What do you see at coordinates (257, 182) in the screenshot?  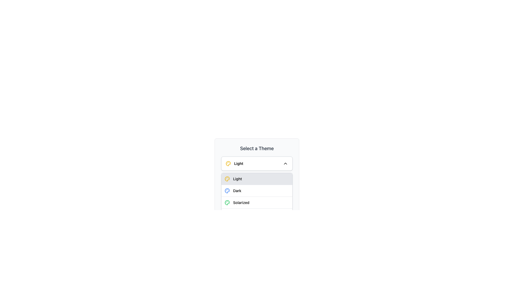 I see `the 'Light' theme option in the dropdown menu` at bounding box center [257, 182].